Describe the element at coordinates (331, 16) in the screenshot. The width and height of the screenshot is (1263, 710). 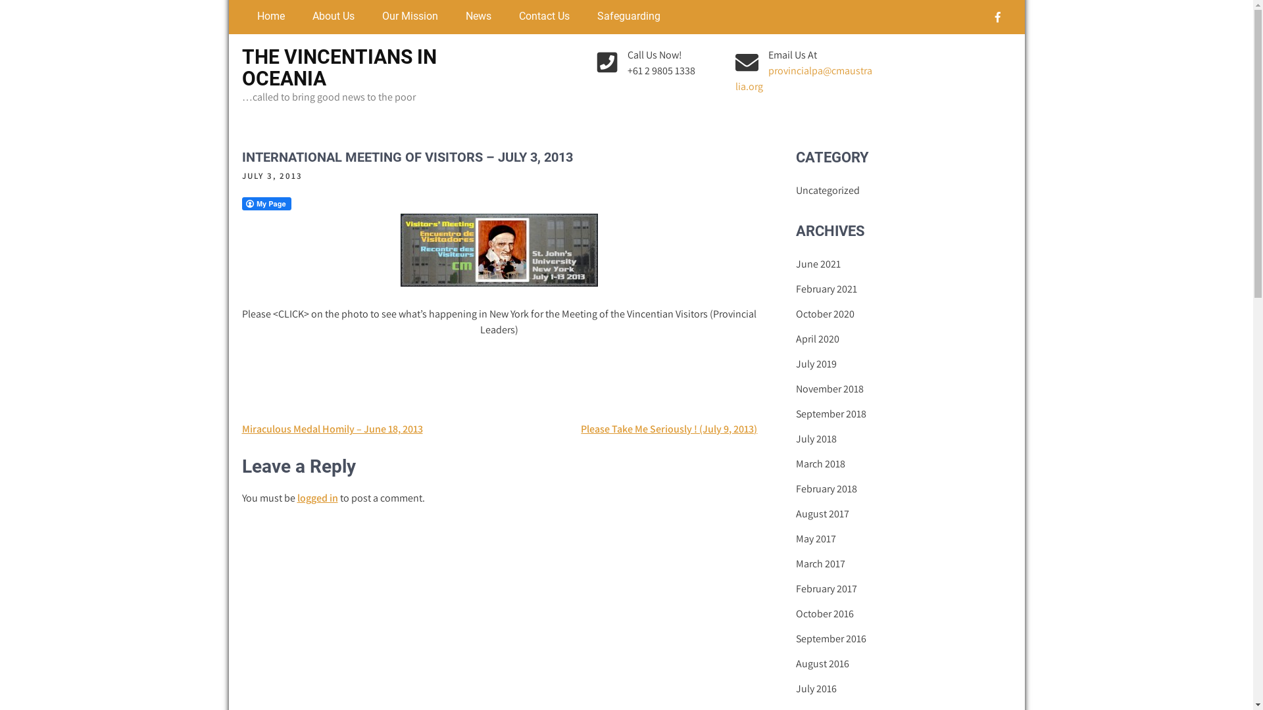
I see `'About Us'` at that location.